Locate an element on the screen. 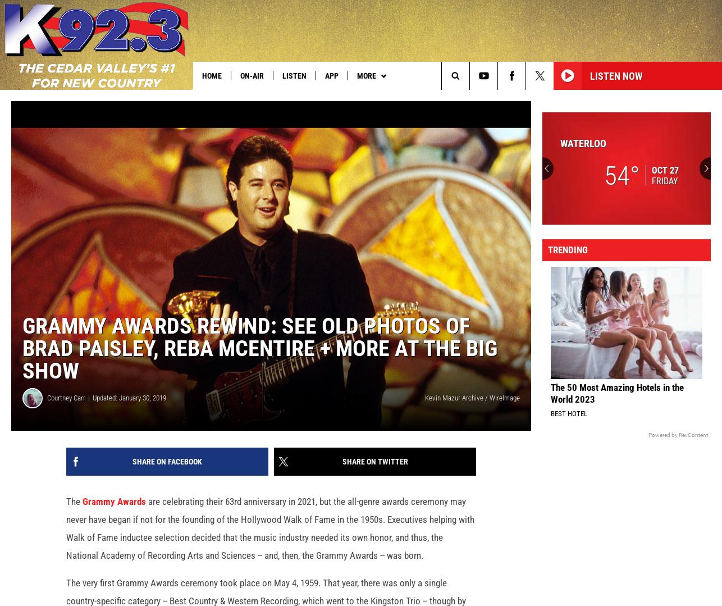 The image size is (722, 606). 'Share on Facebook' is located at coordinates (132, 480).